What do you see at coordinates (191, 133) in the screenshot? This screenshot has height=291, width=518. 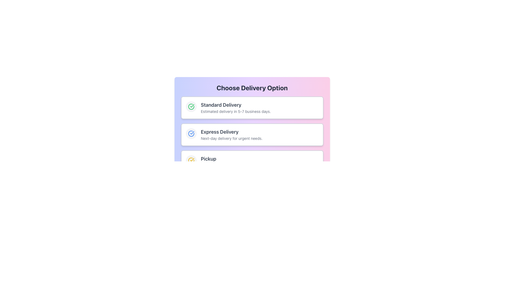 I see `the confirmation marker icon located in the top left corner of the 'Standard Delivery' option box, which indicates that the associated option is selected or approved` at bounding box center [191, 133].